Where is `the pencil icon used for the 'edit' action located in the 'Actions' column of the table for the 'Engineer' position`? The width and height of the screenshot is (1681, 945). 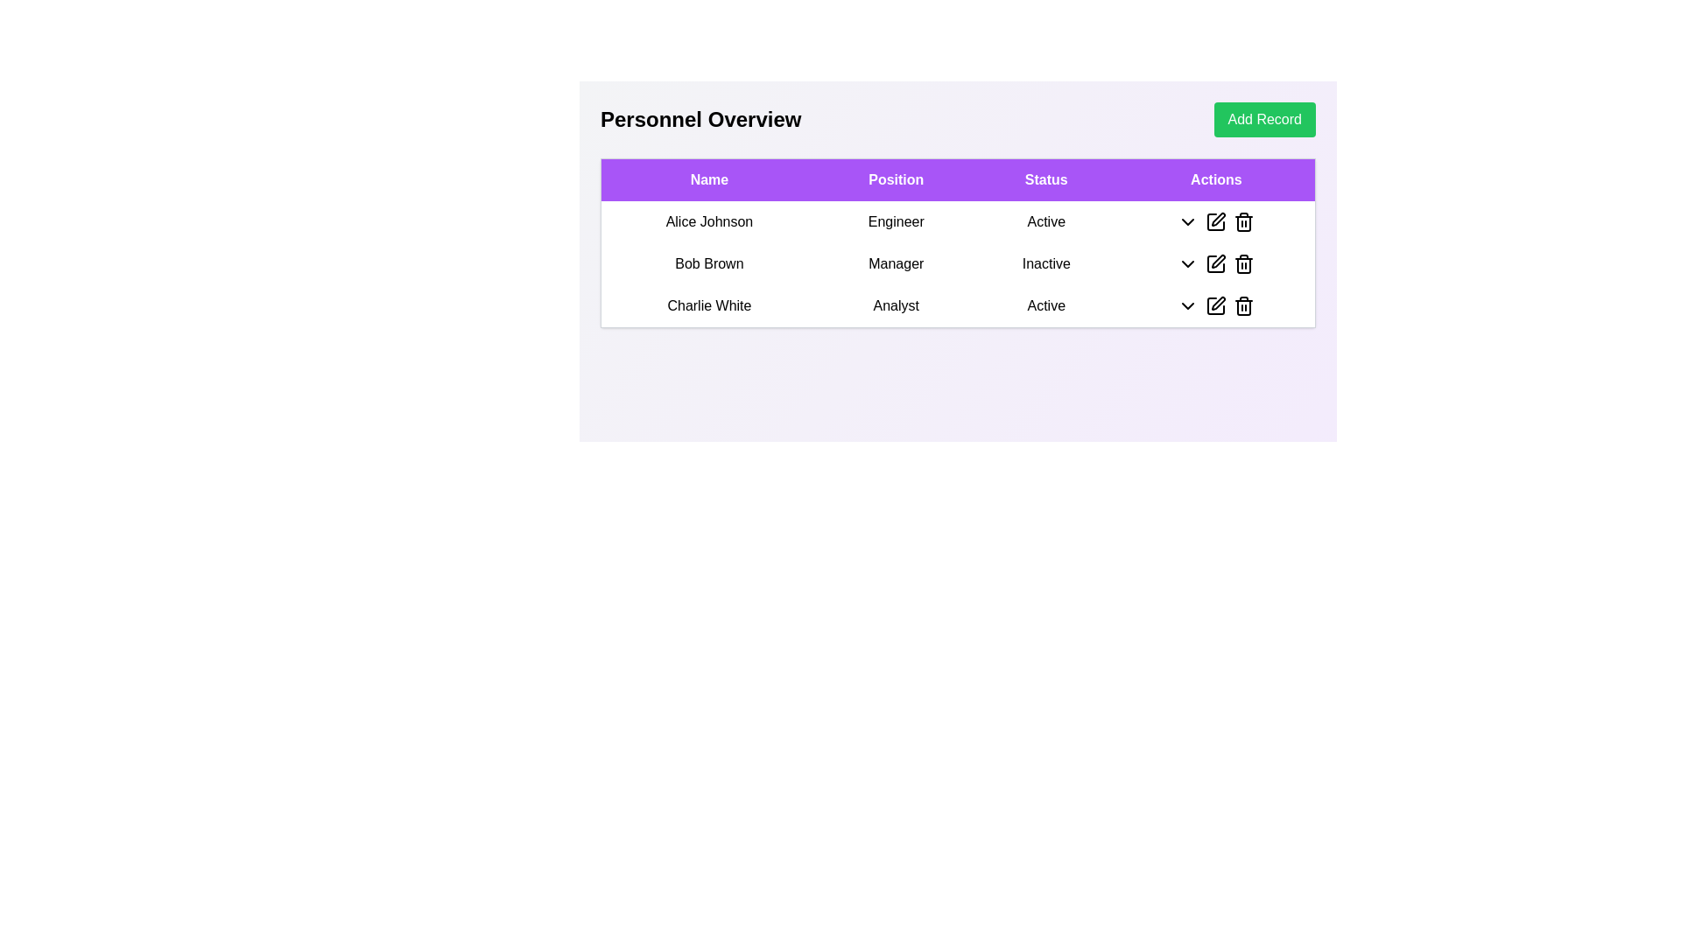 the pencil icon used for the 'edit' action located in the 'Actions' column of the table for the 'Engineer' position is located at coordinates (1215, 221).